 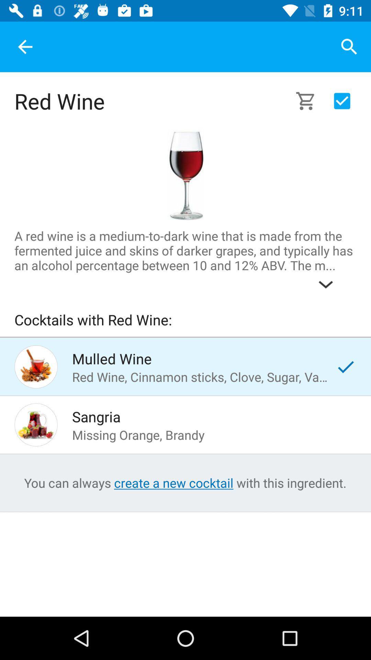 What do you see at coordinates (310, 100) in the screenshot?
I see `to cart` at bounding box center [310, 100].